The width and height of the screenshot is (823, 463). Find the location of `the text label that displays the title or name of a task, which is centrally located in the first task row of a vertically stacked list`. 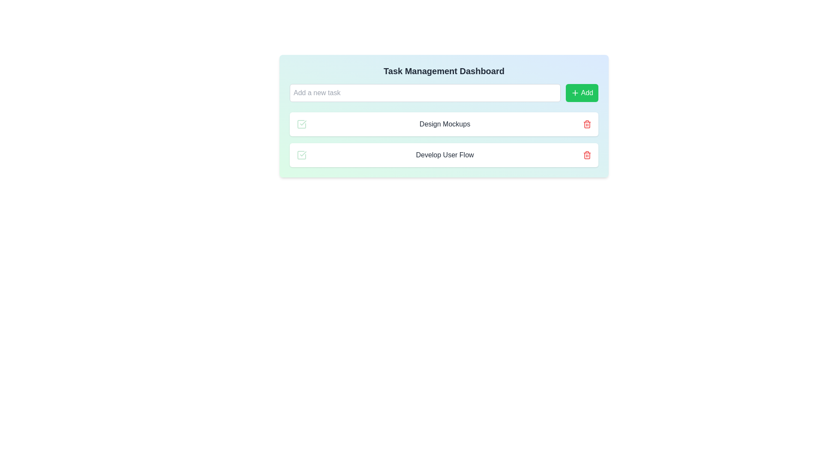

the text label that displays the title or name of a task, which is centrally located in the first task row of a vertically stacked list is located at coordinates (445, 124).